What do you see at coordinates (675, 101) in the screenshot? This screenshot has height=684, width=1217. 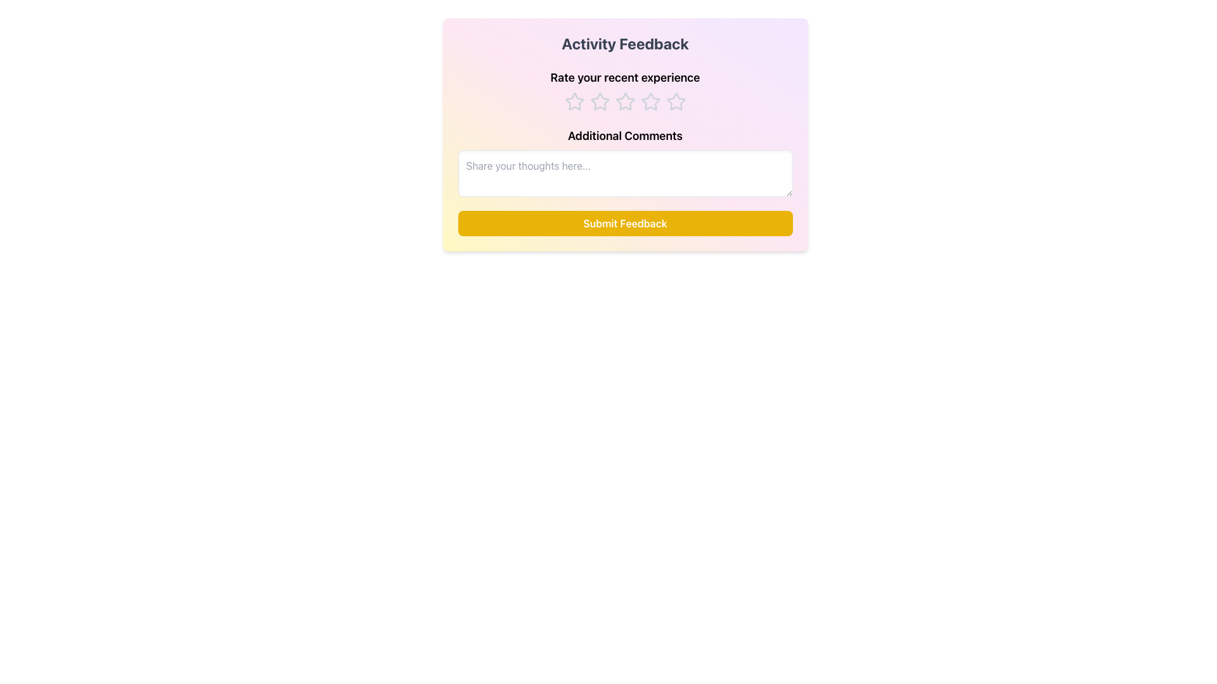 I see `the fifth star icon with a gray border and hollow interior in the rating system under the text 'Rate your recent experience'` at bounding box center [675, 101].